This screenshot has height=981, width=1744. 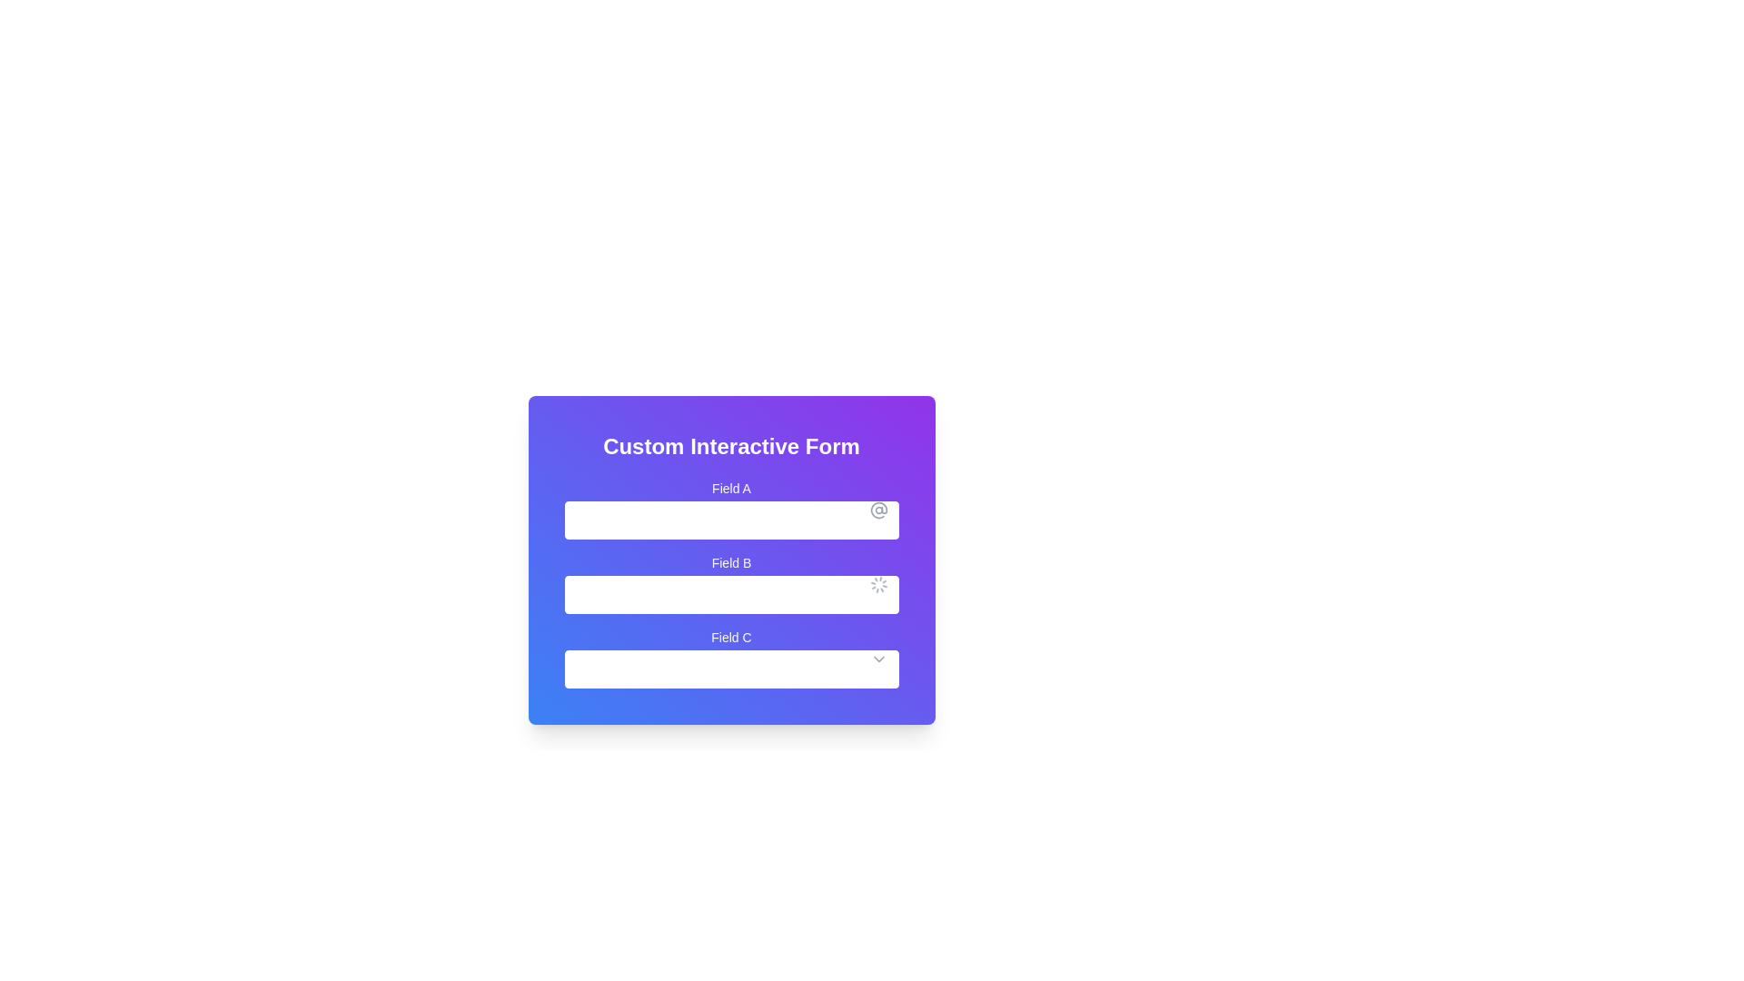 I want to click on the Text label that describes the first input field in the form, located above the input box, so click(x=731, y=487).